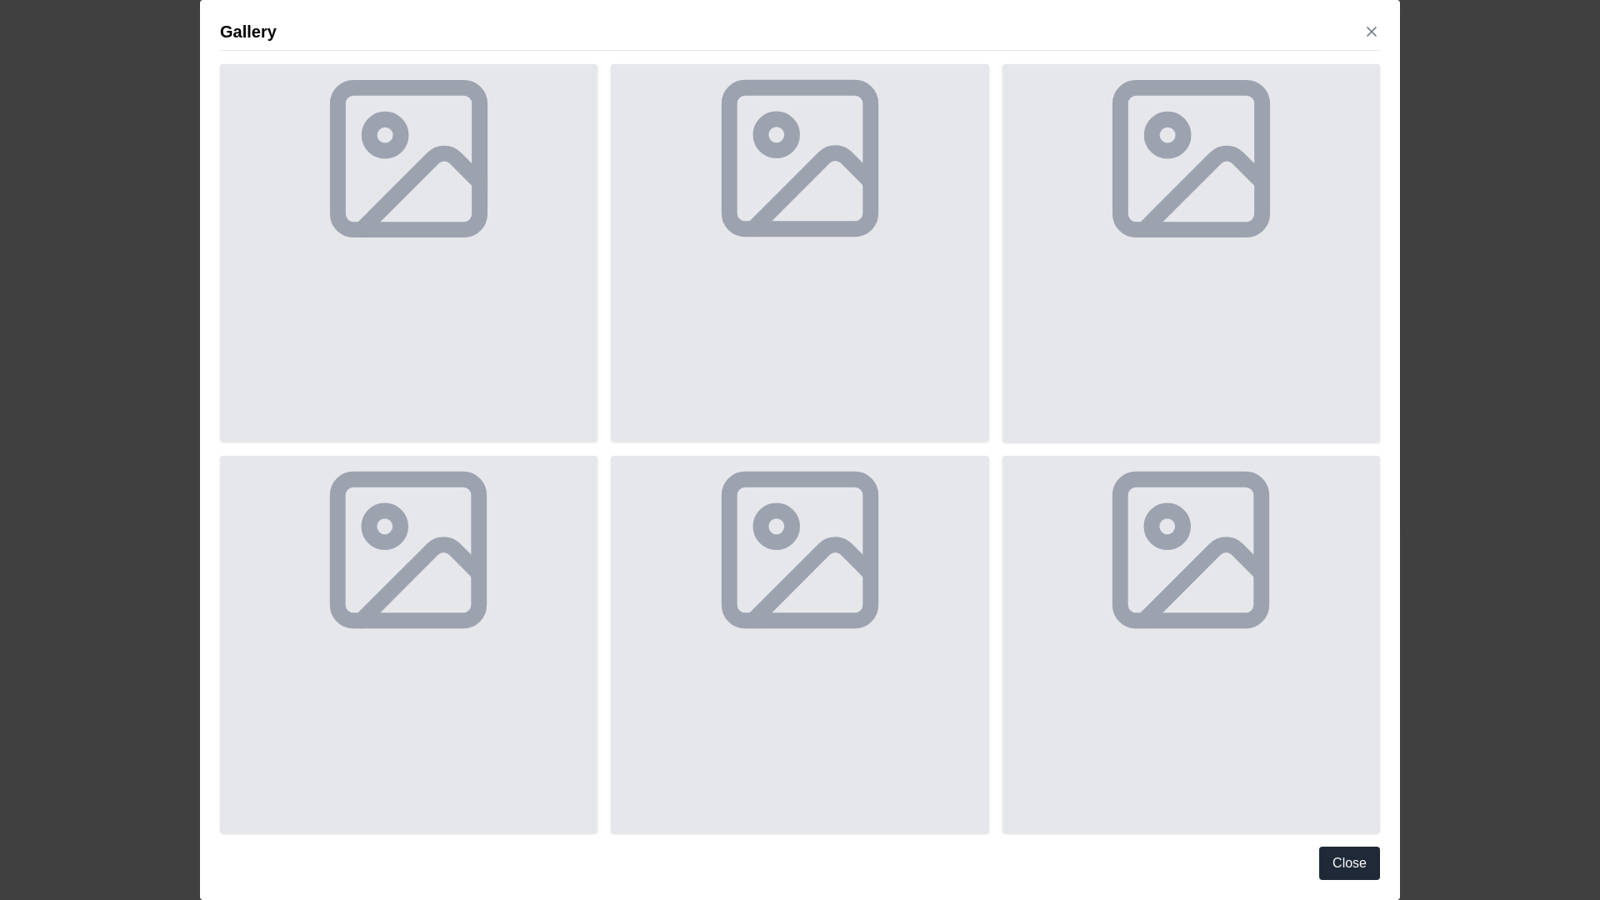 The image size is (1600, 900). What do you see at coordinates (408, 549) in the screenshot?
I see `the Image placeholder (SVG Icon) located in the central column of the second row in a 3x2 grid layout, which features a circle and a slanted line in gray color` at bounding box center [408, 549].